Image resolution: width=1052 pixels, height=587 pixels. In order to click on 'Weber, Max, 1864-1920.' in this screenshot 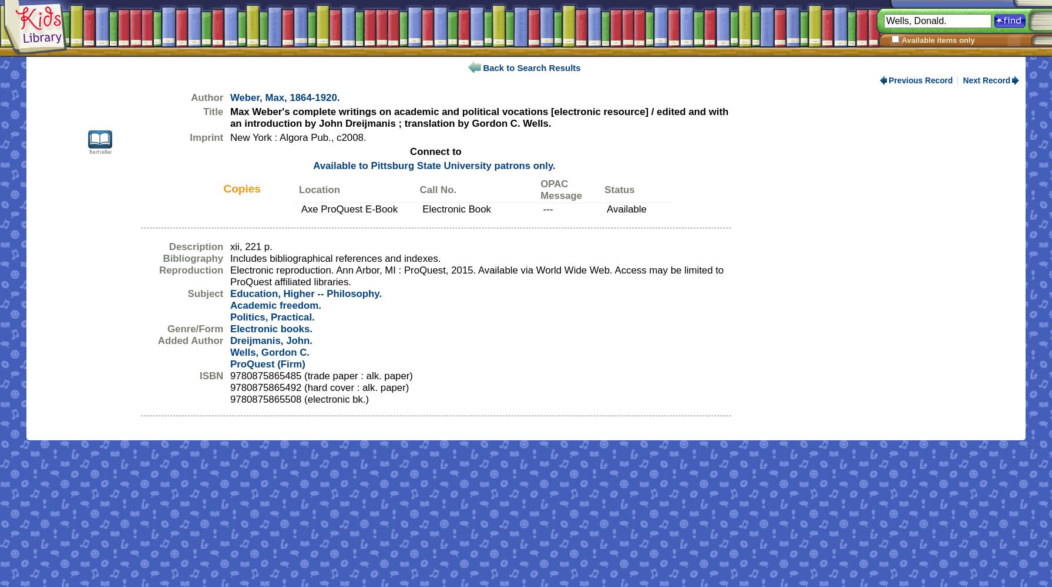, I will do `click(284, 97)`.